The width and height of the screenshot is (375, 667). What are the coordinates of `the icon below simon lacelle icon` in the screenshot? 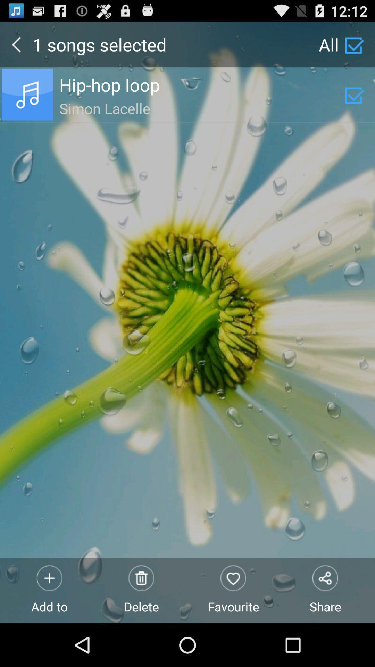 It's located at (233, 590).